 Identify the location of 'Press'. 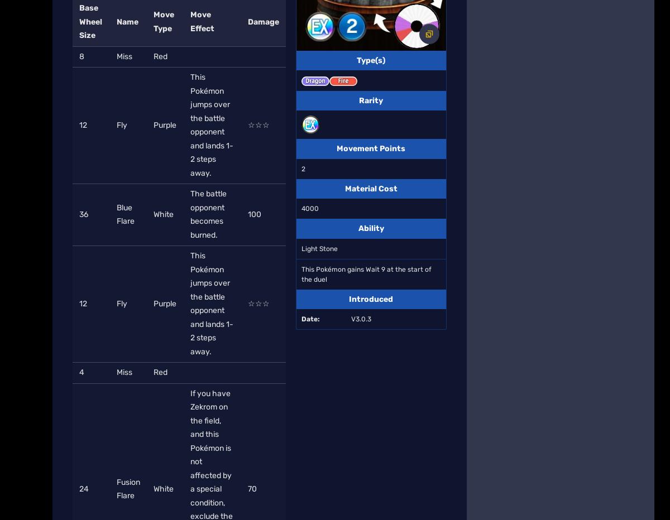
(229, 184).